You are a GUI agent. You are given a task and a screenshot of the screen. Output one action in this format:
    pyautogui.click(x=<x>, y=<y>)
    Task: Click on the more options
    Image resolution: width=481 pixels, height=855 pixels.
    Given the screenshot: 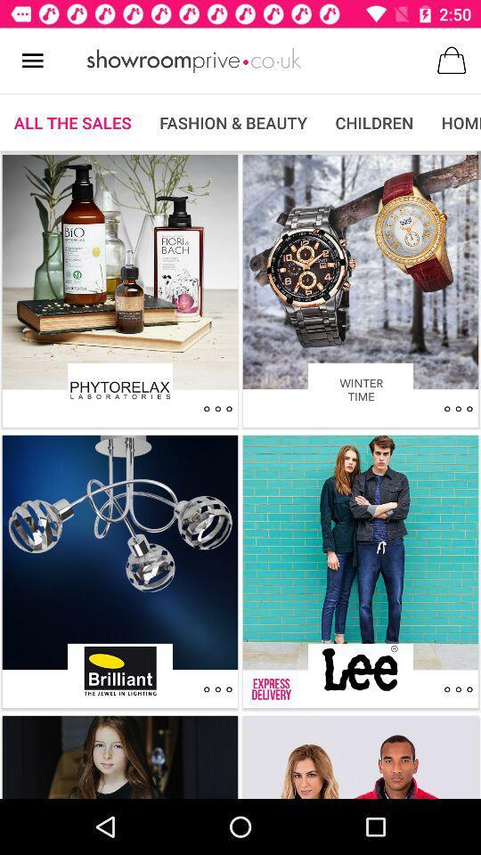 What is the action you would take?
    pyautogui.click(x=217, y=409)
    